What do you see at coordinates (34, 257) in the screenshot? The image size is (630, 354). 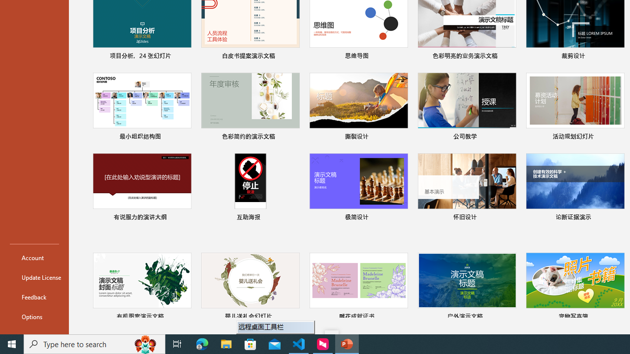 I see `'Account'` at bounding box center [34, 257].